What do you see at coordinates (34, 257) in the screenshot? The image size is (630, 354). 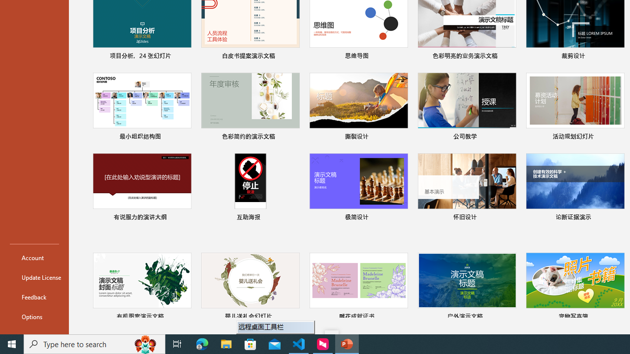 I see `'Account'` at bounding box center [34, 257].